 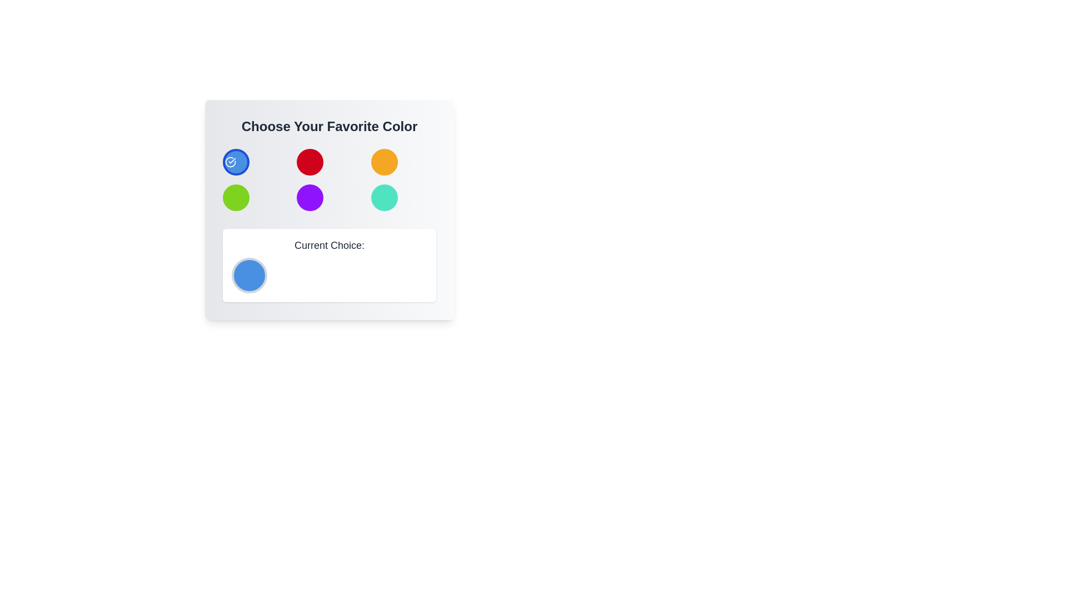 What do you see at coordinates (310, 162) in the screenshot?
I see `the circular button with a bright red background, which is the second item in the first row of a three-column grid` at bounding box center [310, 162].